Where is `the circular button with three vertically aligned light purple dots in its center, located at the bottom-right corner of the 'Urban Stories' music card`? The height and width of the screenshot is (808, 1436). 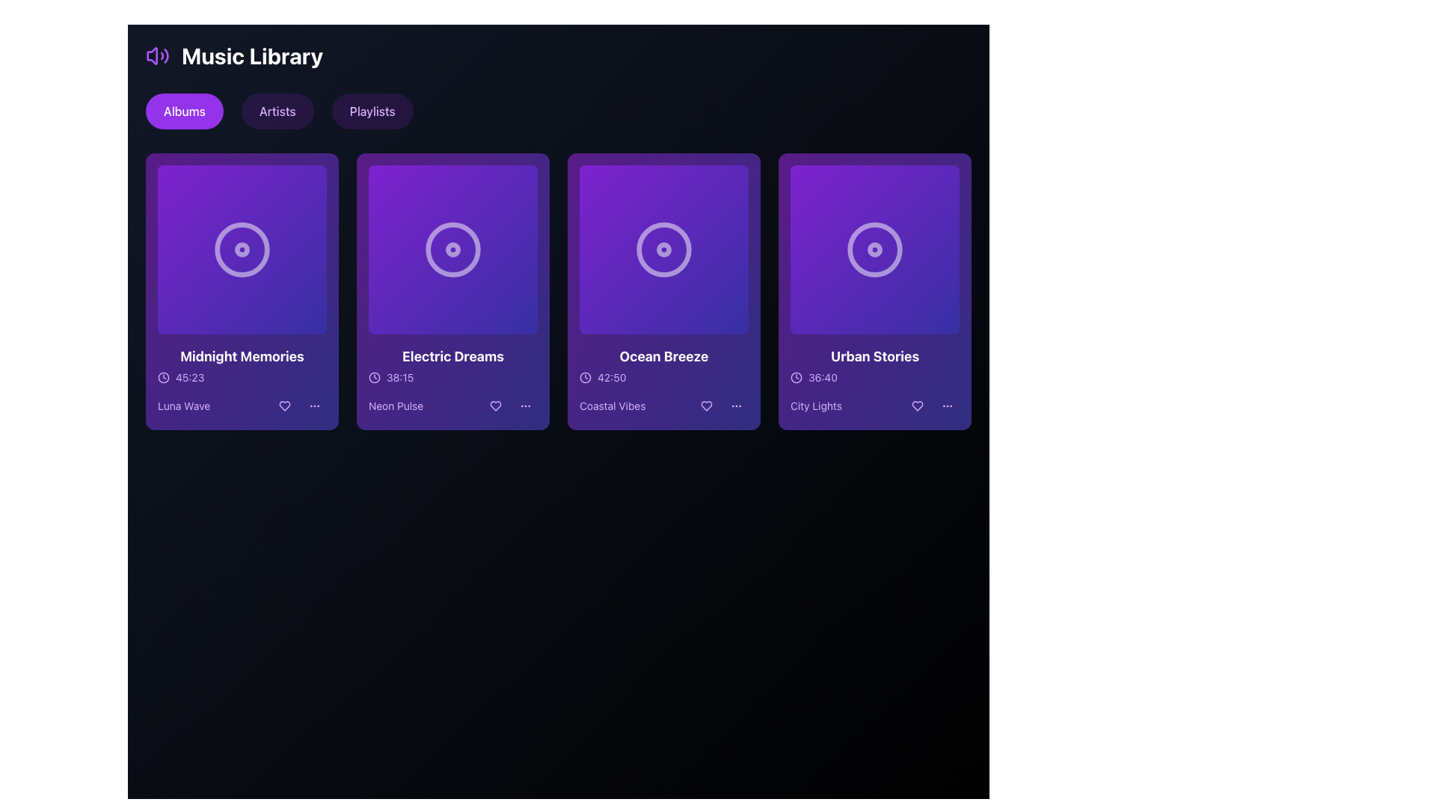
the circular button with three vertically aligned light purple dots in its center, located at the bottom-right corner of the 'Urban Stories' music card is located at coordinates (947, 406).